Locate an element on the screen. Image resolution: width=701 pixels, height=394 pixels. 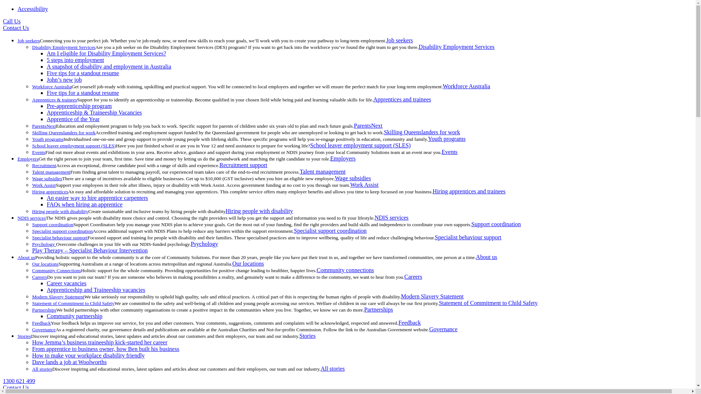
'Job seekers' is located at coordinates (28, 40).